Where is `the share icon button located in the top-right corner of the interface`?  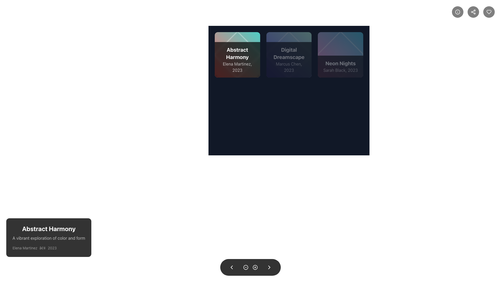
the share icon button located in the top-right corner of the interface is located at coordinates (473, 12).